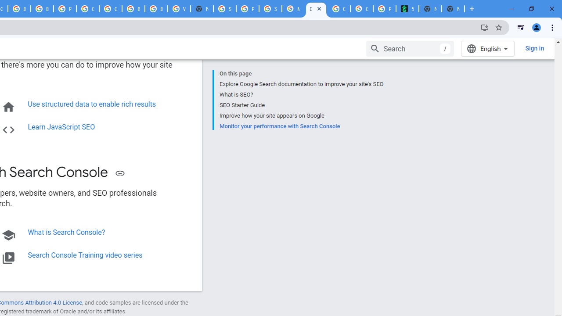 The width and height of the screenshot is (562, 316). What do you see at coordinates (92, 104) in the screenshot?
I see `'Use structured data to enable rich results'` at bounding box center [92, 104].